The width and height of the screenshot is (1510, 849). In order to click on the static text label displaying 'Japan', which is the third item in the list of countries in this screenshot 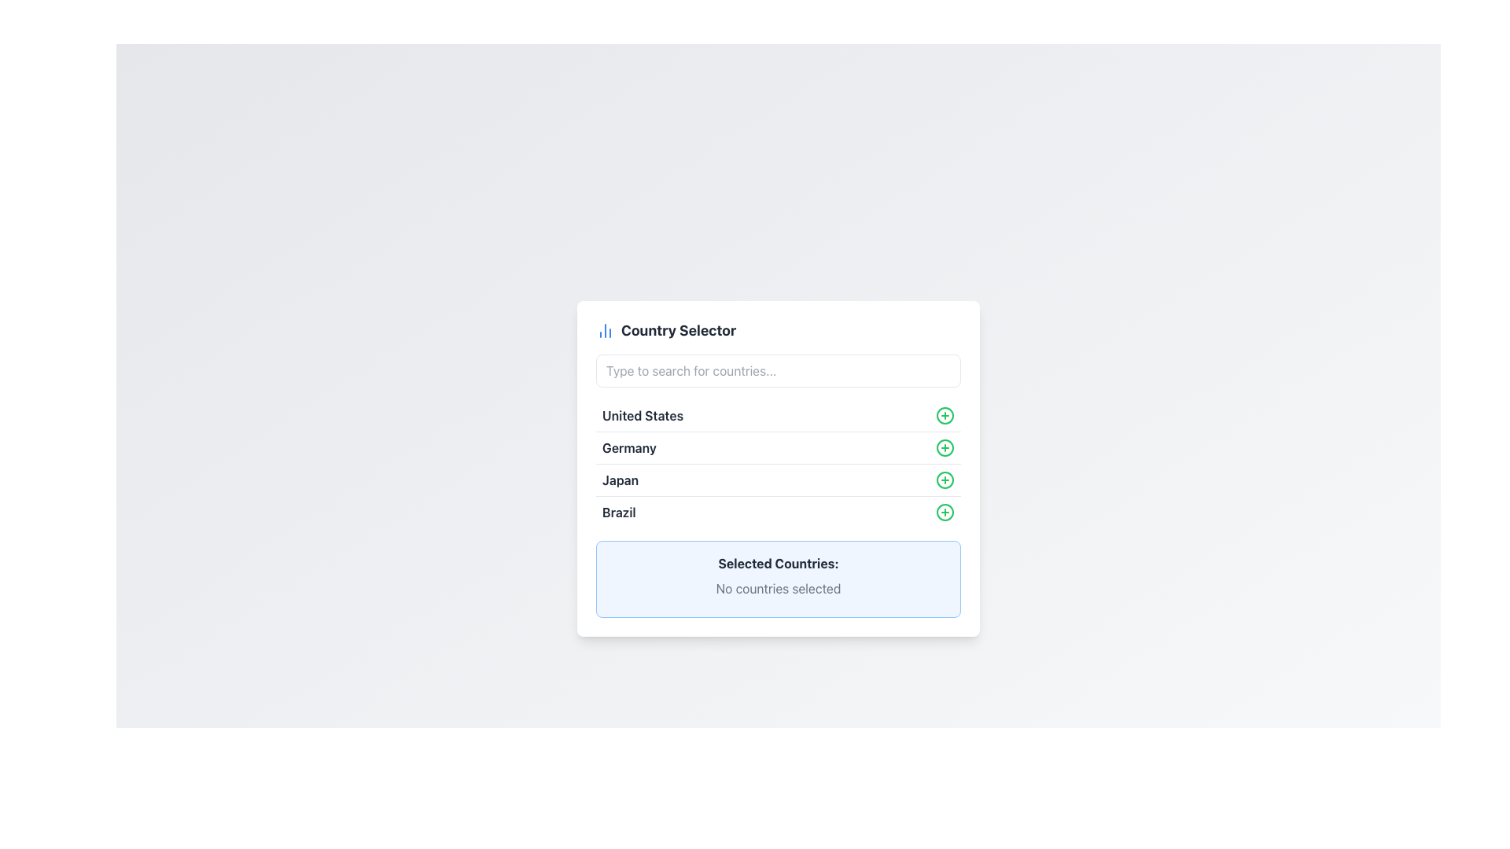, I will do `click(620, 479)`.